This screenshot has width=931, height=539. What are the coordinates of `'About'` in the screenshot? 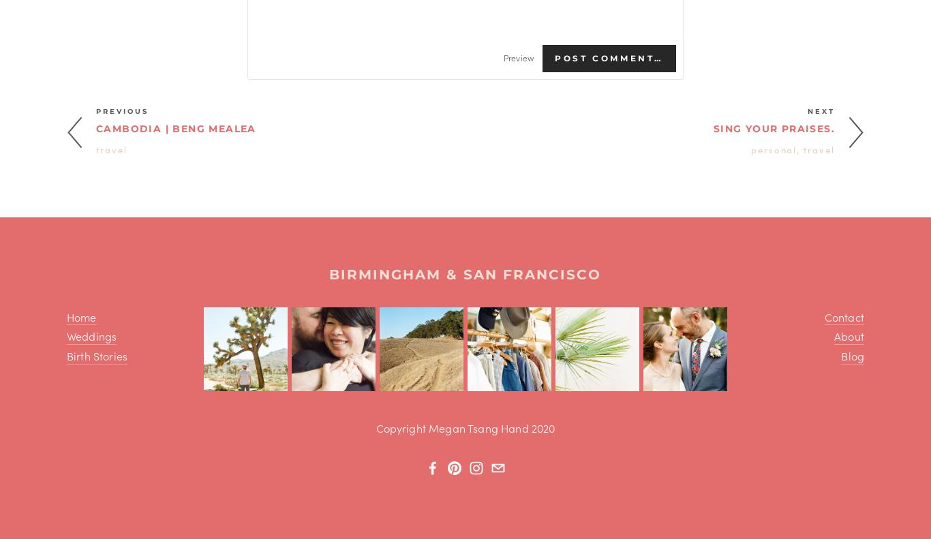 It's located at (849, 335).